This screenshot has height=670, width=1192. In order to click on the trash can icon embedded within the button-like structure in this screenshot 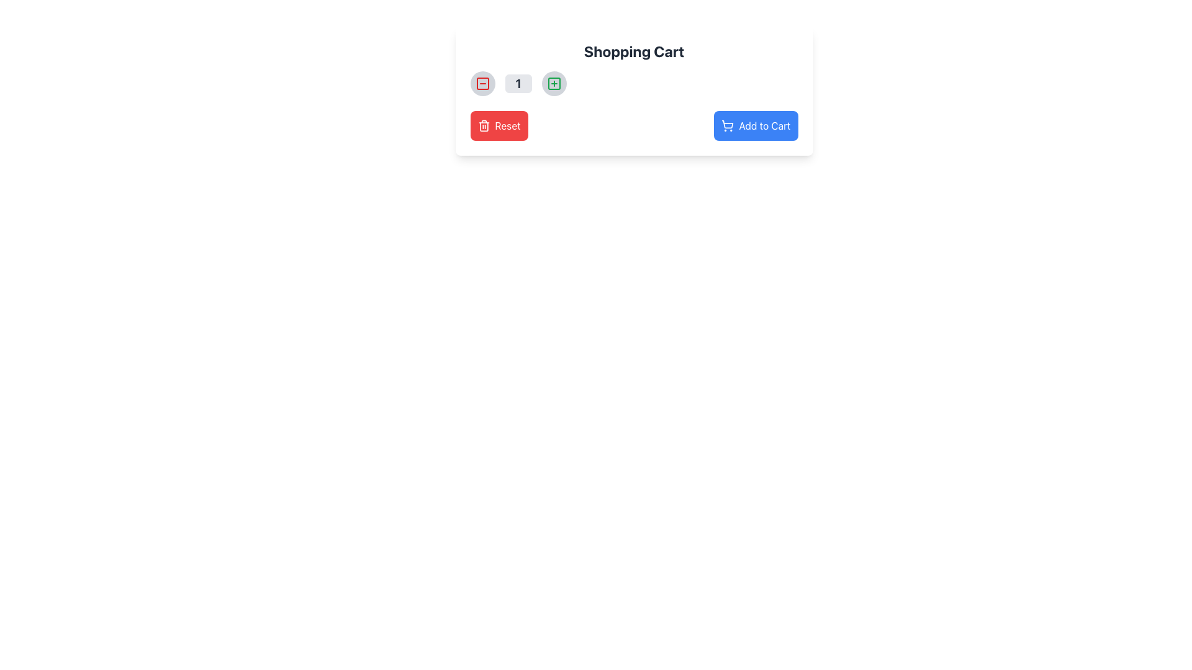, I will do `click(483, 127)`.